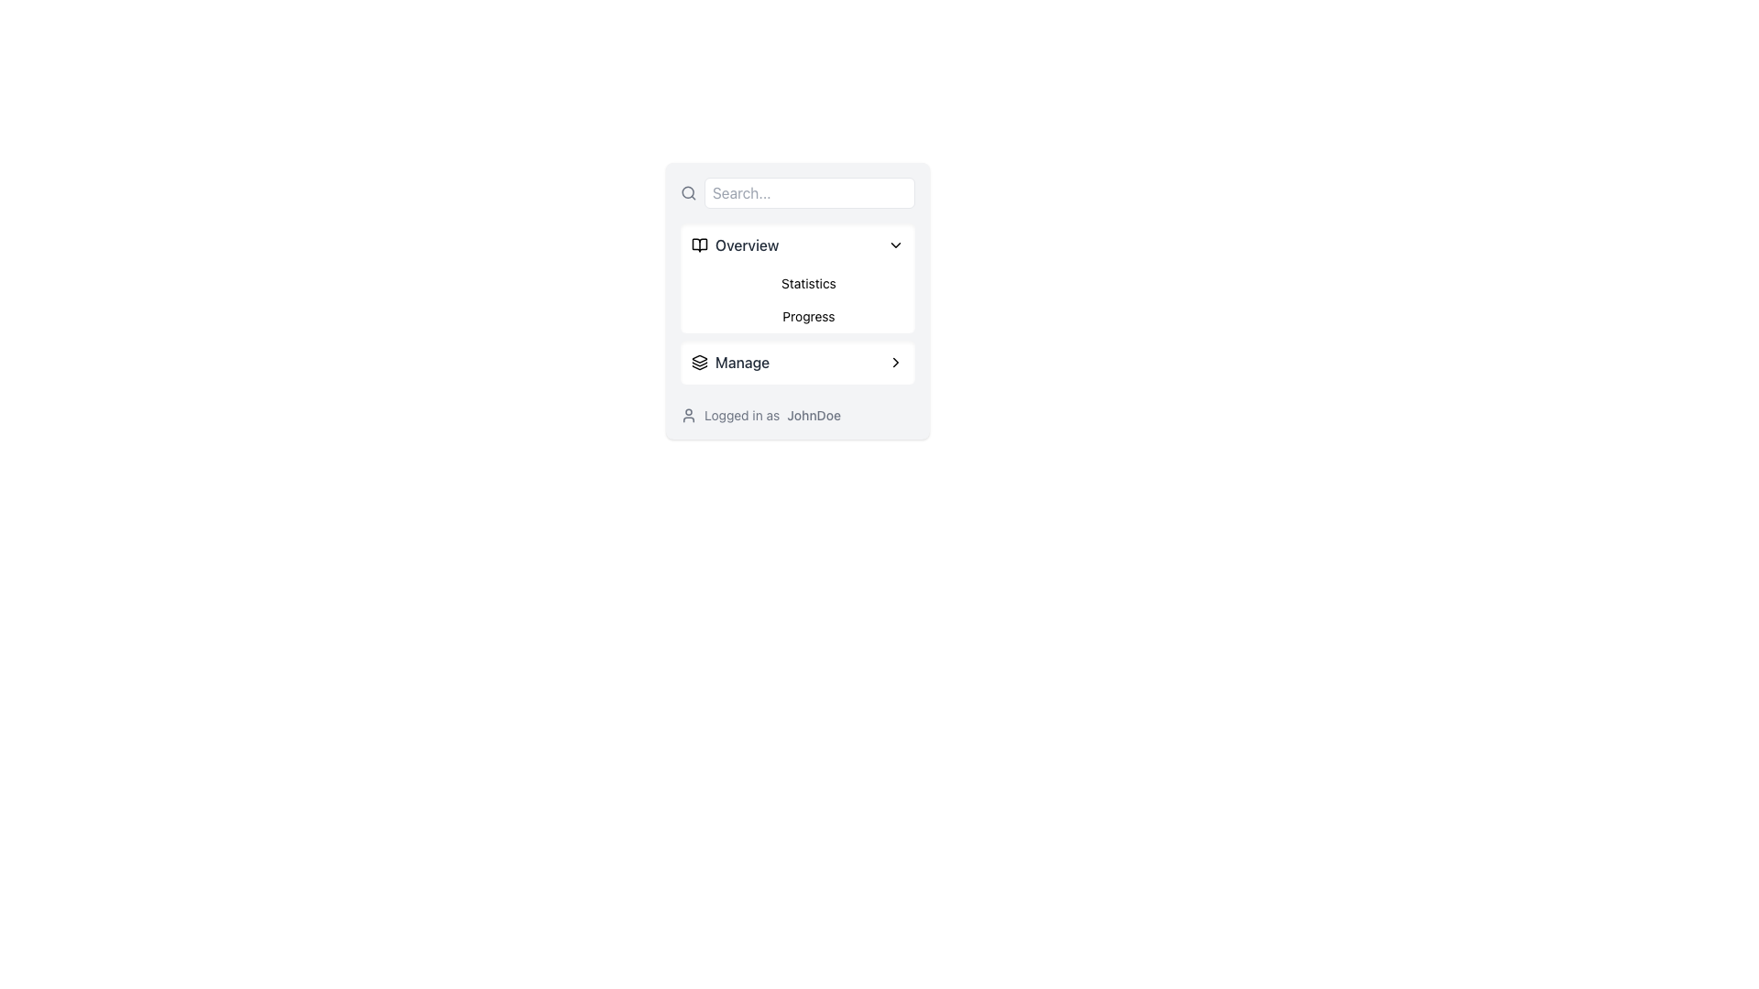 Image resolution: width=1759 pixels, height=989 pixels. Describe the element at coordinates (698, 364) in the screenshot. I see `the middle subpath of the SVG icon that visually represents layers, indicating stack or hierarchy` at that location.